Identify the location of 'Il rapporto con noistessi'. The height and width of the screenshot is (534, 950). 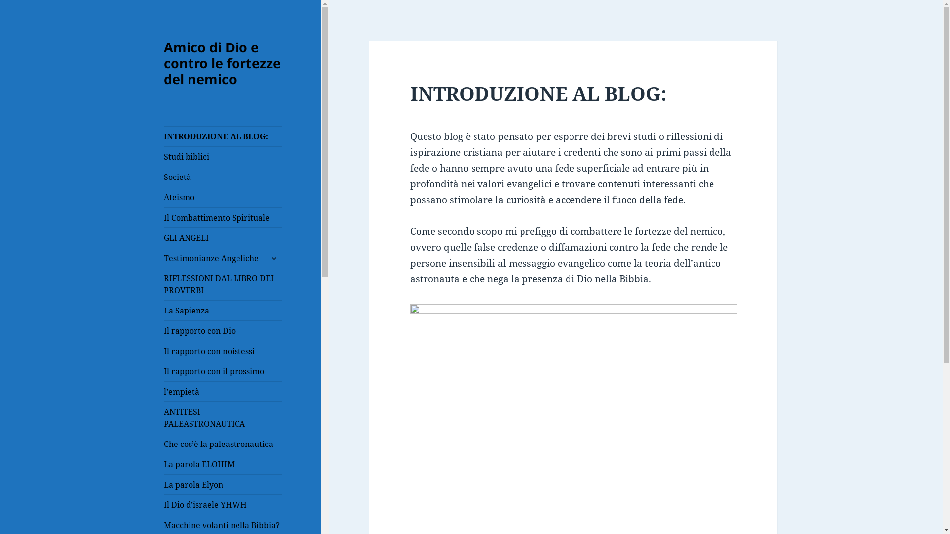
(222, 350).